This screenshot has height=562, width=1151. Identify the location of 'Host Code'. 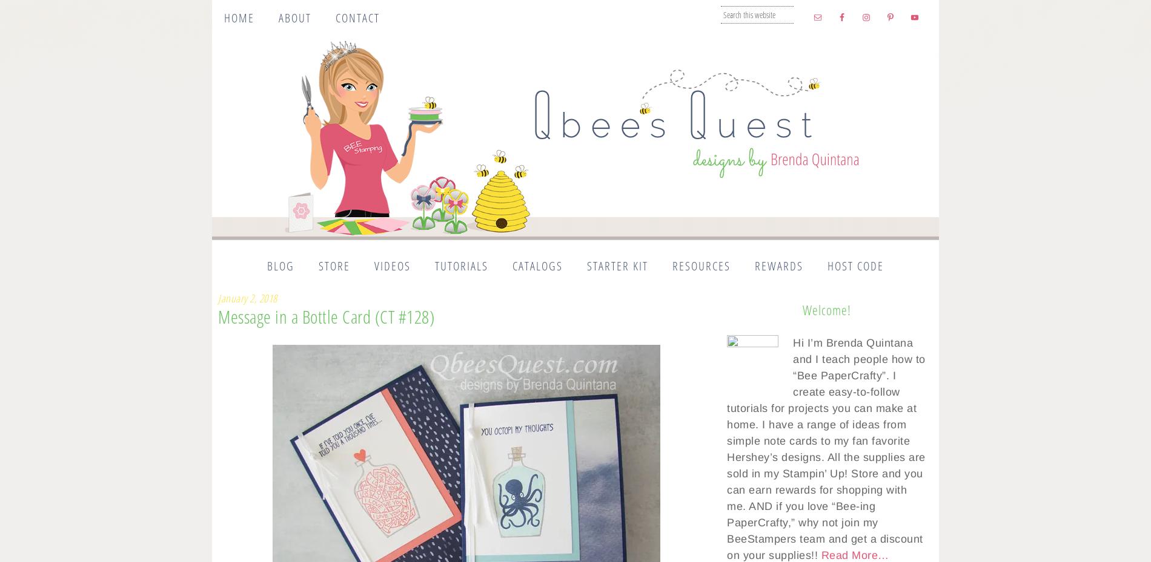
(855, 265).